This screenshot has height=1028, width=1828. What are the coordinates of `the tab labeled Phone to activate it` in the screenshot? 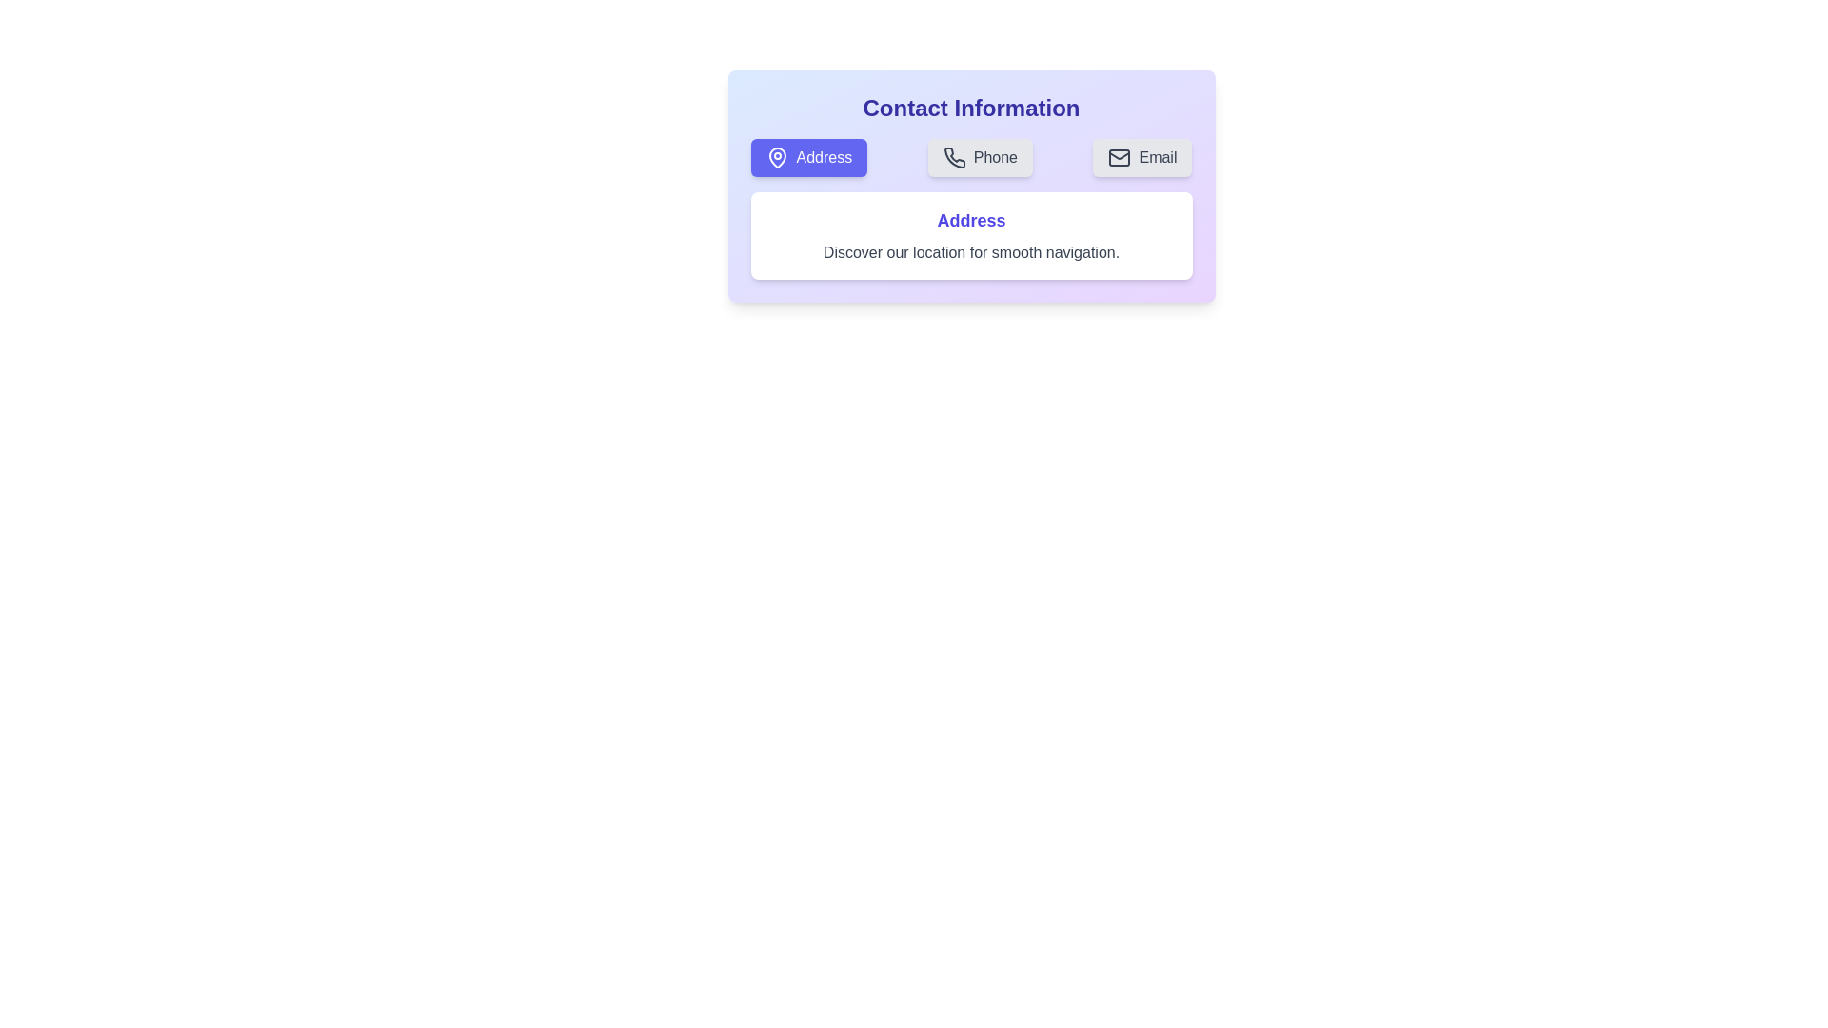 It's located at (980, 156).